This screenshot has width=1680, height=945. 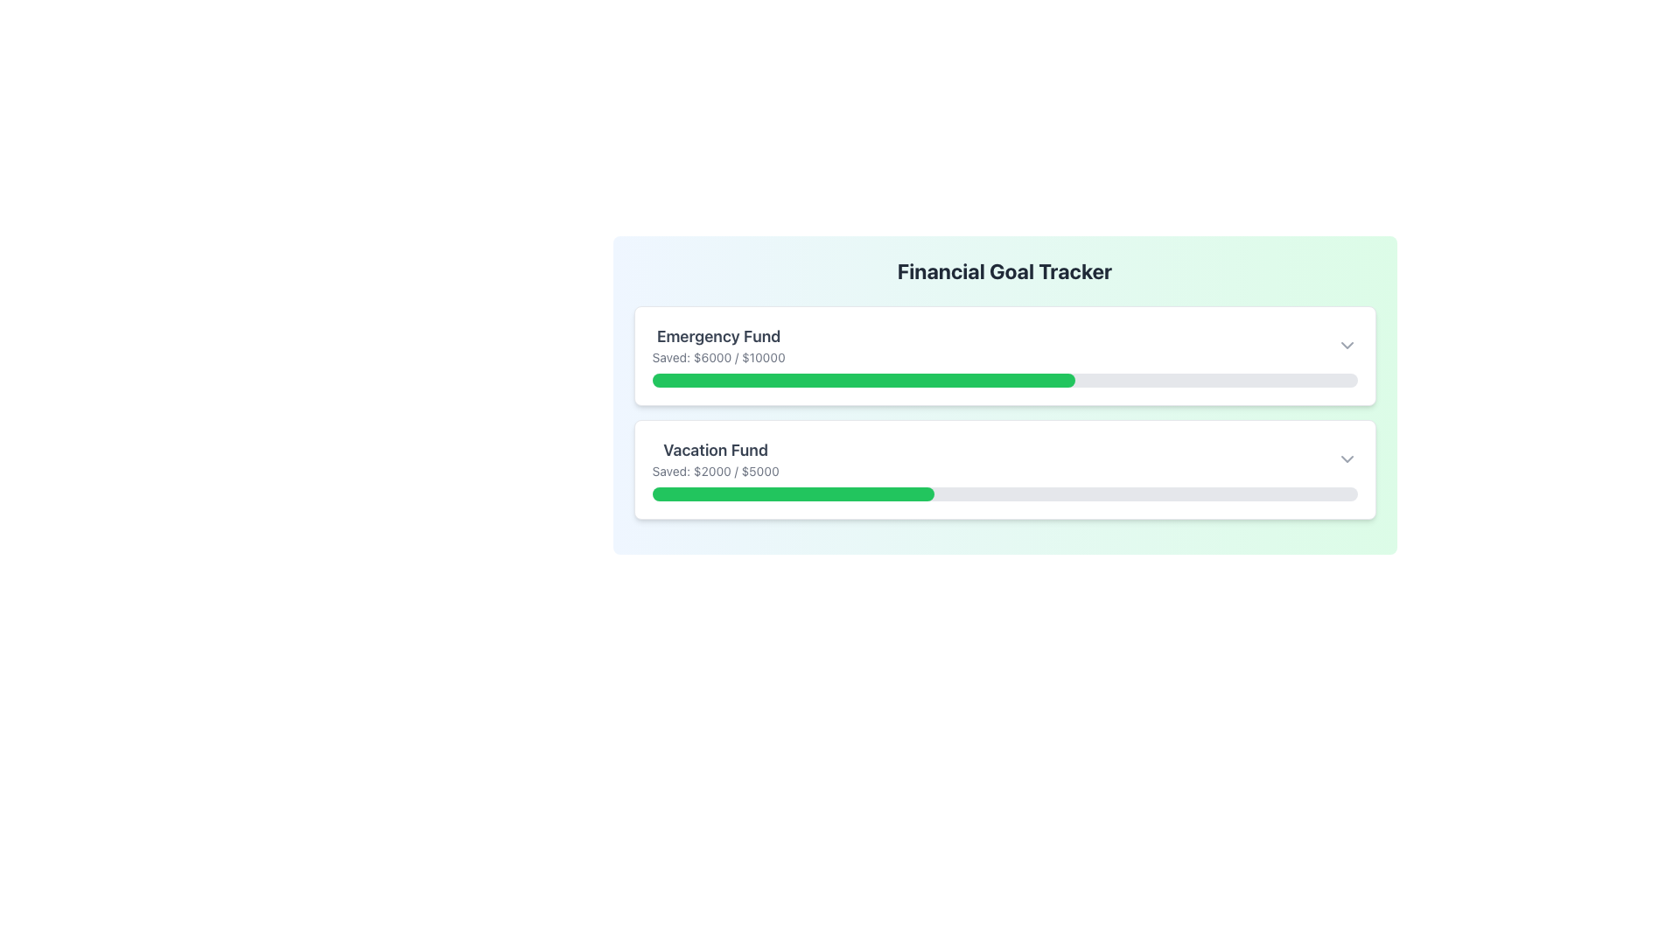 I want to click on the static text label that provides details about the savings progress for the 'Vacation Fund', located directly below the 'Vacation Fund' text, so click(x=716, y=471).